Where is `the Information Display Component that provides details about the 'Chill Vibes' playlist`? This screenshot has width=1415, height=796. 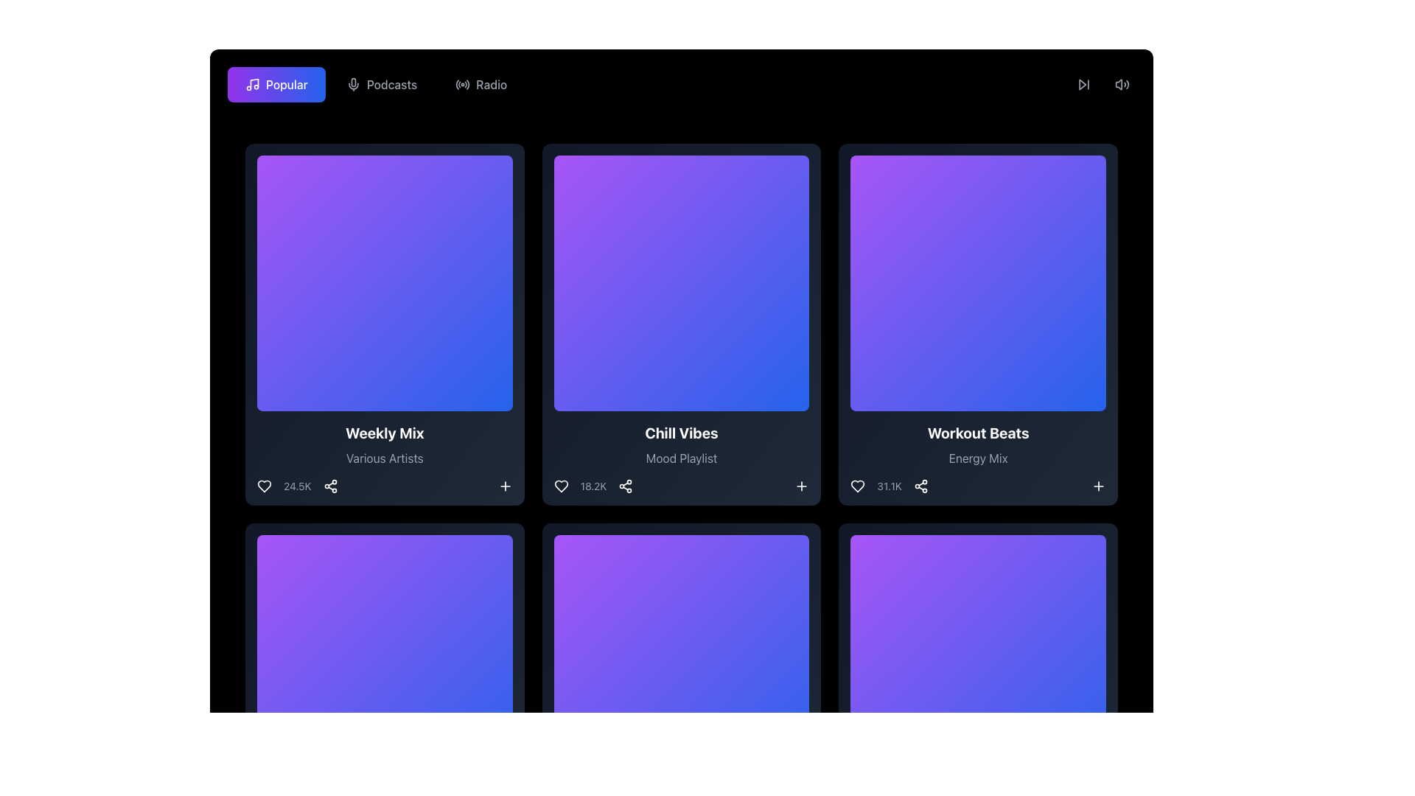
the Information Display Component that provides details about the 'Chill Vibes' playlist is located at coordinates (681, 457).